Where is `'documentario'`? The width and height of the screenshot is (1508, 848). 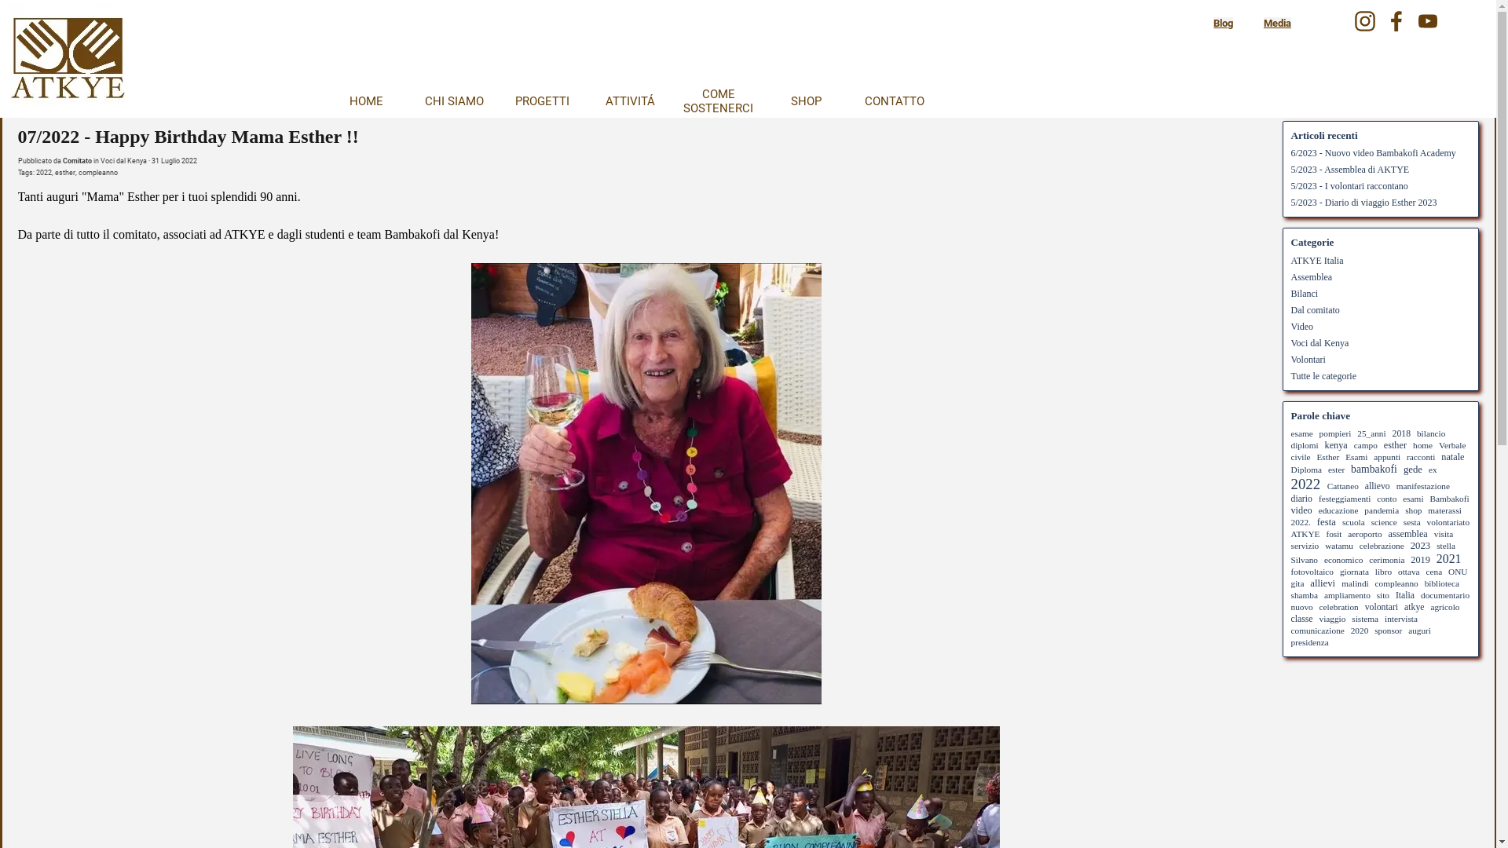 'documentario' is located at coordinates (1444, 595).